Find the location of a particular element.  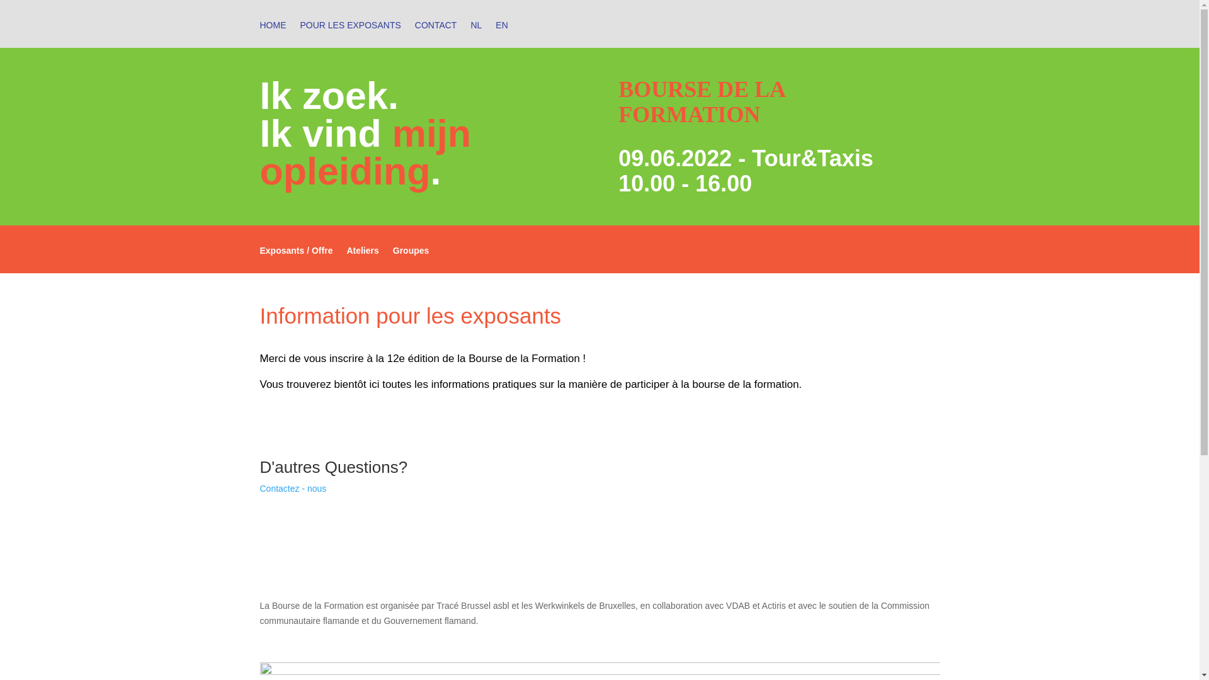

'EN' is located at coordinates (495, 33).